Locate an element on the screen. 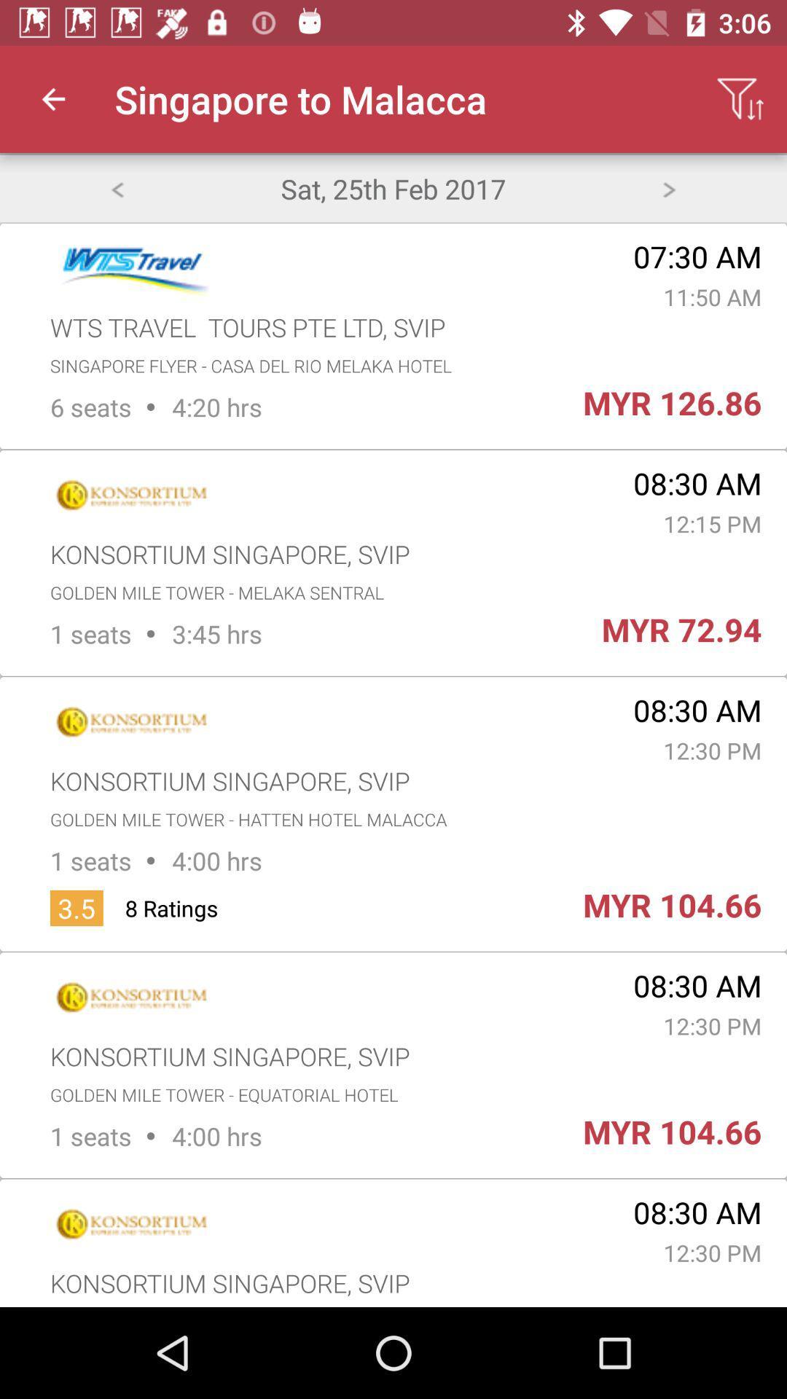 The width and height of the screenshot is (787, 1399). the item next to sat 25th feb item is located at coordinates (669, 187).